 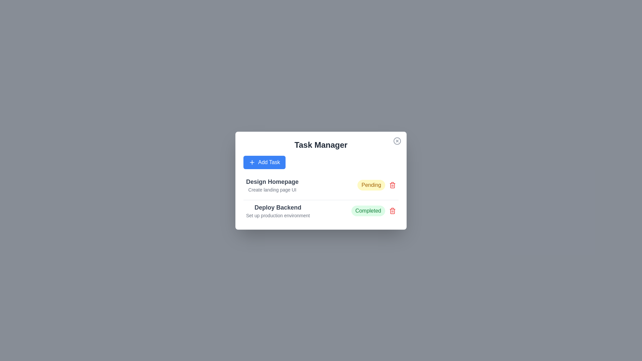 What do you see at coordinates (377, 185) in the screenshot?
I see `the Status badge with a yellow background that contains the text 'Pending', which is located in the right section of the row labeled 'Design Homepage'` at bounding box center [377, 185].